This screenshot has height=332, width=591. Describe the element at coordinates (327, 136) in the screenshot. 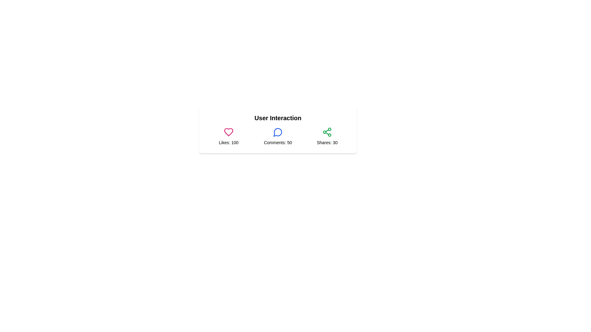

I see `the Informational Label that indicates the number of shares (30), located at the bottom right side of the layout, following 'Comments: 50'` at that location.